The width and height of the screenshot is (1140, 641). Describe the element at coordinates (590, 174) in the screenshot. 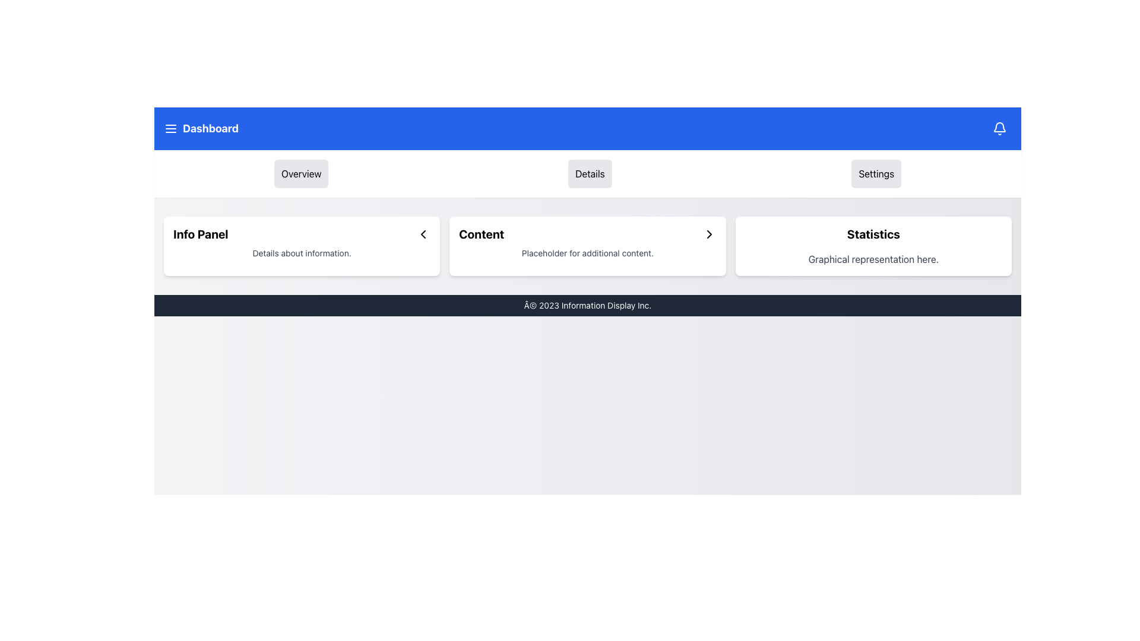

I see `the 'Details' button, the second button in a horizontal set of three buttons, to change its background color` at that location.